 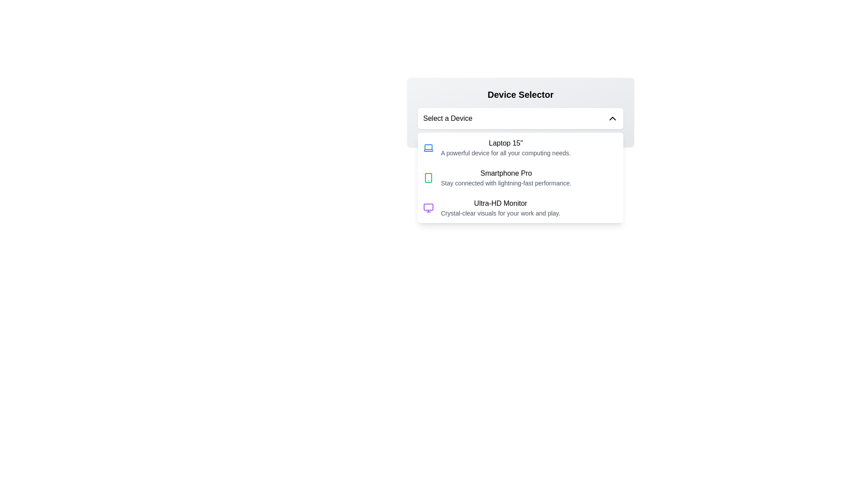 What do you see at coordinates (500, 208) in the screenshot?
I see `the text display labeled 'Ultra-HD Monitor' in the selectable dropdown list` at bounding box center [500, 208].